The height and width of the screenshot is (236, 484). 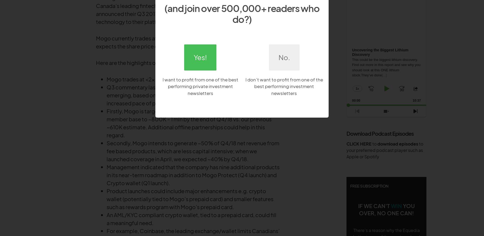 I want to click on 'Product launches could include major enhancements e.g. crypto wallet (potentially tied to Mogo’s prepaid card) and smaller features such as rewards program with Mogo’s prepaid card.', so click(x=189, y=198).